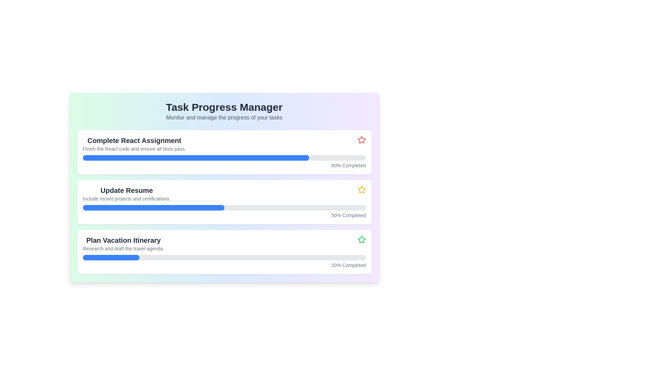 The width and height of the screenshot is (666, 374). I want to click on task progress, so click(311, 258).